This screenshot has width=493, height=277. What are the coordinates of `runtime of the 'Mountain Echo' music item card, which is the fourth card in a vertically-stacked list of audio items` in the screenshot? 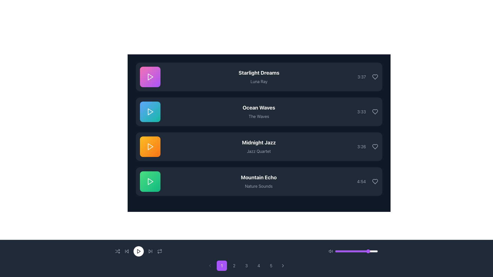 It's located at (259, 181).